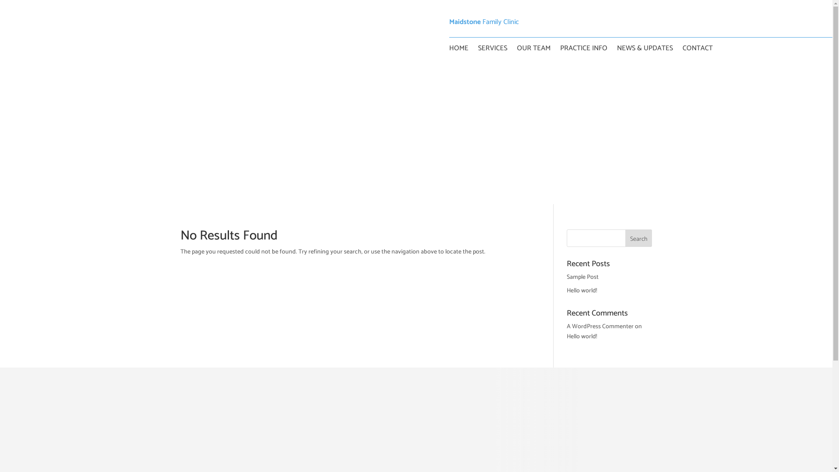 Image resolution: width=839 pixels, height=472 pixels. Describe the element at coordinates (582, 336) in the screenshot. I see `'Hello world!'` at that location.